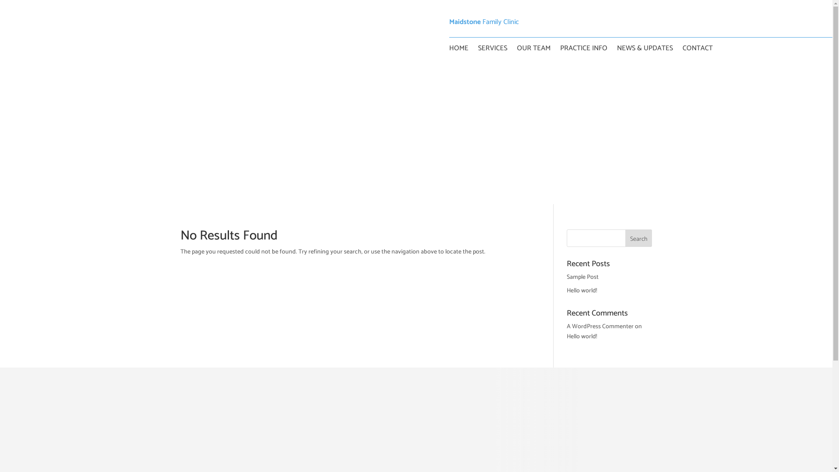 Image resolution: width=839 pixels, height=472 pixels. Describe the element at coordinates (582, 336) in the screenshot. I see `'Hello world!'` at that location.